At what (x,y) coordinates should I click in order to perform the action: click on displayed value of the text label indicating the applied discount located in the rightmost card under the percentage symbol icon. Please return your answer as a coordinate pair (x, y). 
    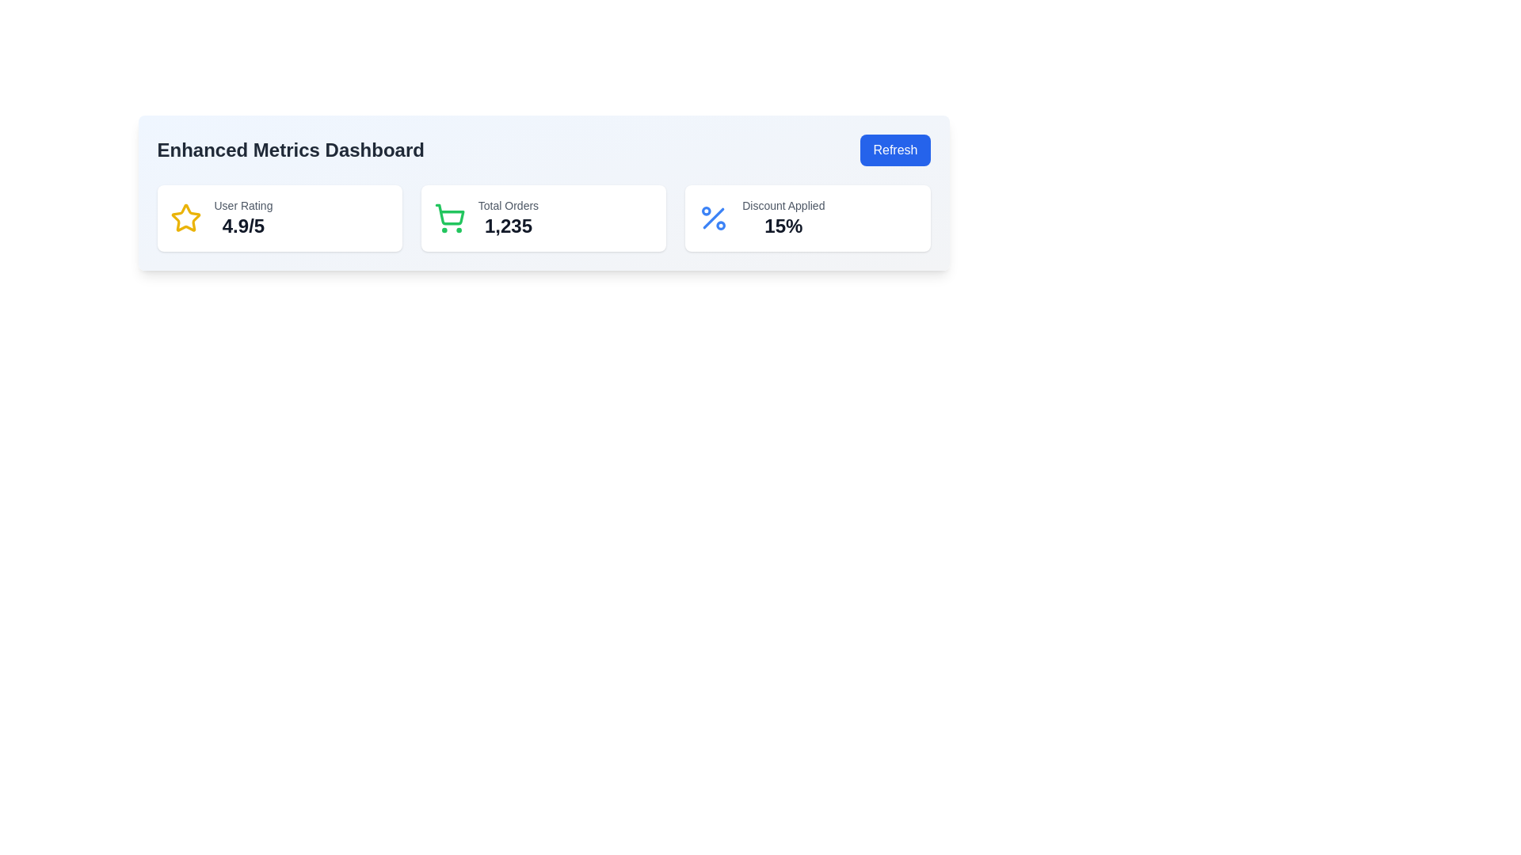
    Looking at the image, I should click on (783, 218).